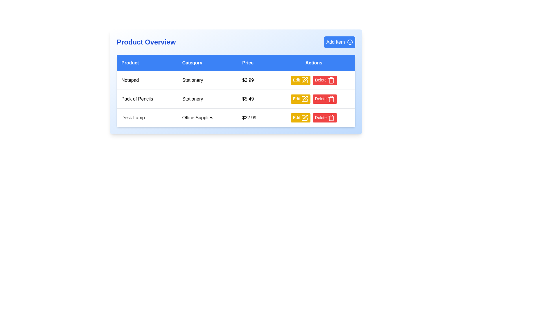 Image resolution: width=555 pixels, height=312 pixels. Describe the element at coordinates (300, 80) in the screenshot. I see `the 'Edit' button, which is a rectangular button with rounded edges, yellow background, and white text, located in the 'Actions' column for the 'Notepad' row` at that location.